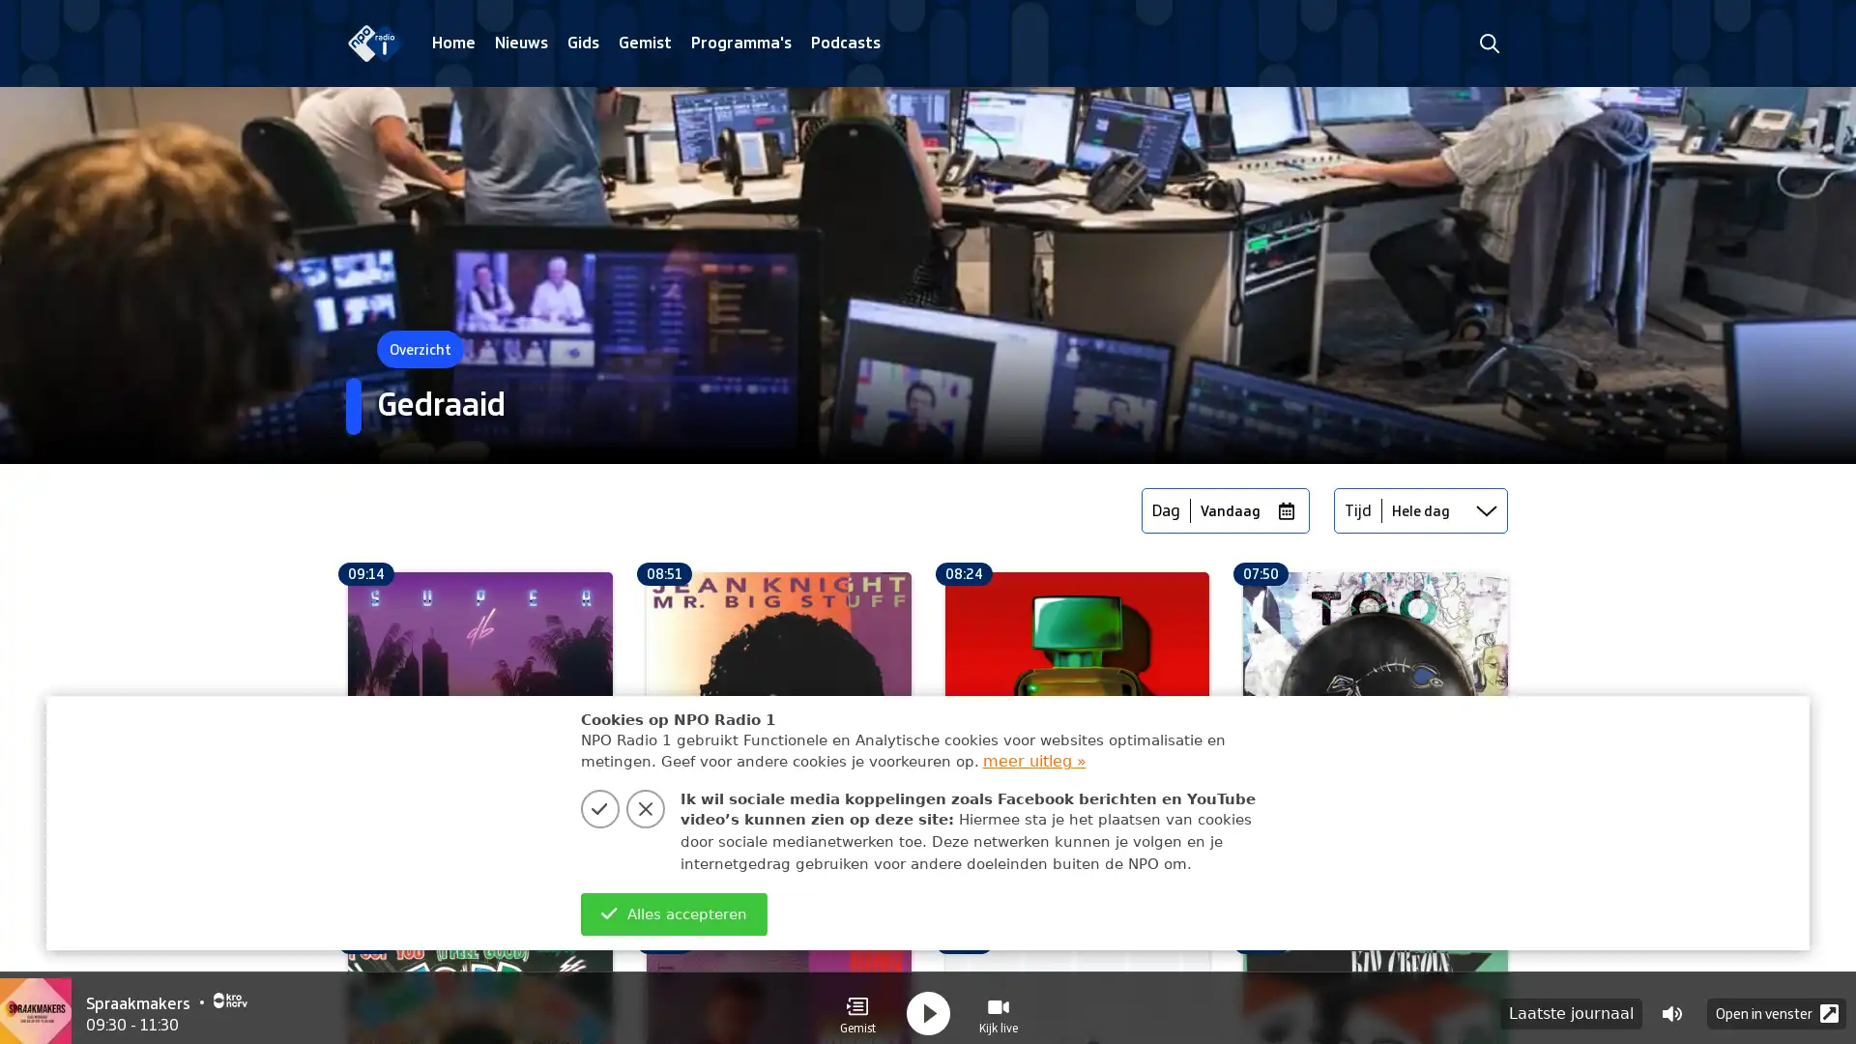 This screenshot has width=1856, height=1044. What do you see at coordinates (928, 1001) in the screenshot?
I see `play` at bounding box center [928, 1001].